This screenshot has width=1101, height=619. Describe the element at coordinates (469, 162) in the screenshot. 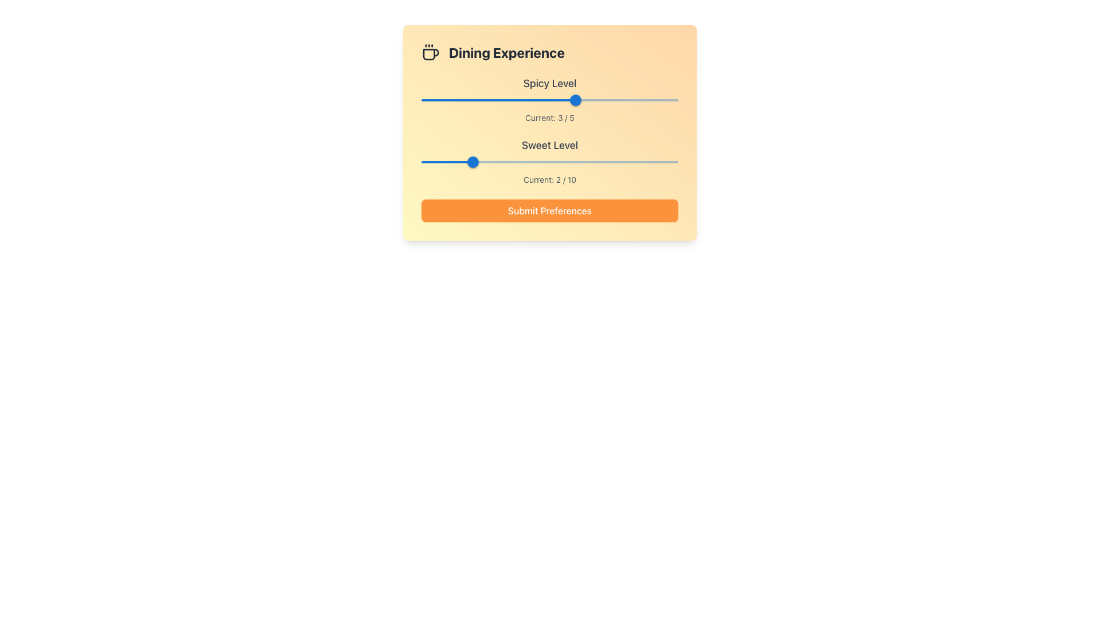

I see `slider` at that location.